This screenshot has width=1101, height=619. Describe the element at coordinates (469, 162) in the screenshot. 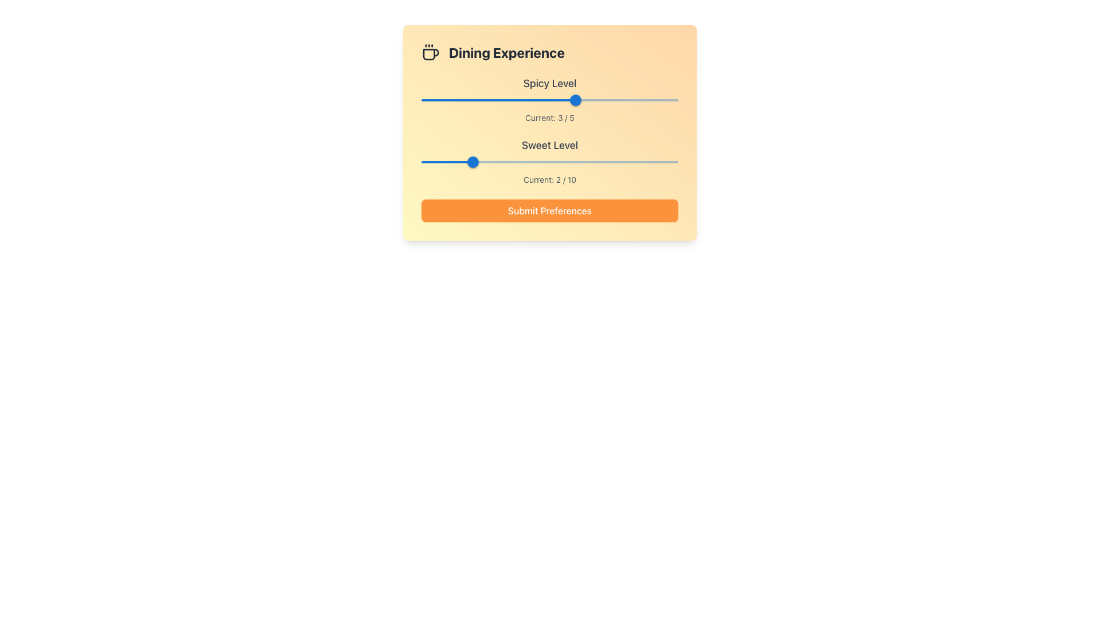

I see `slider` at that location.